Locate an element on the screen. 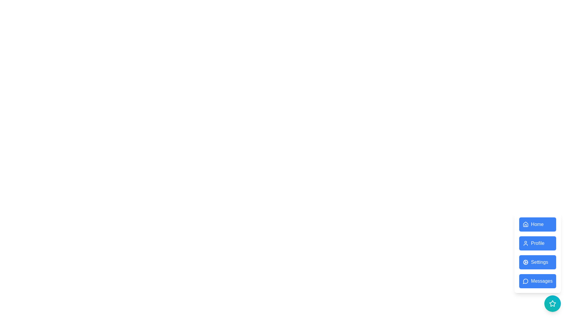  the last button in the vertical list at the bottom-right corner of the interface is located at coordinates (538, 281).